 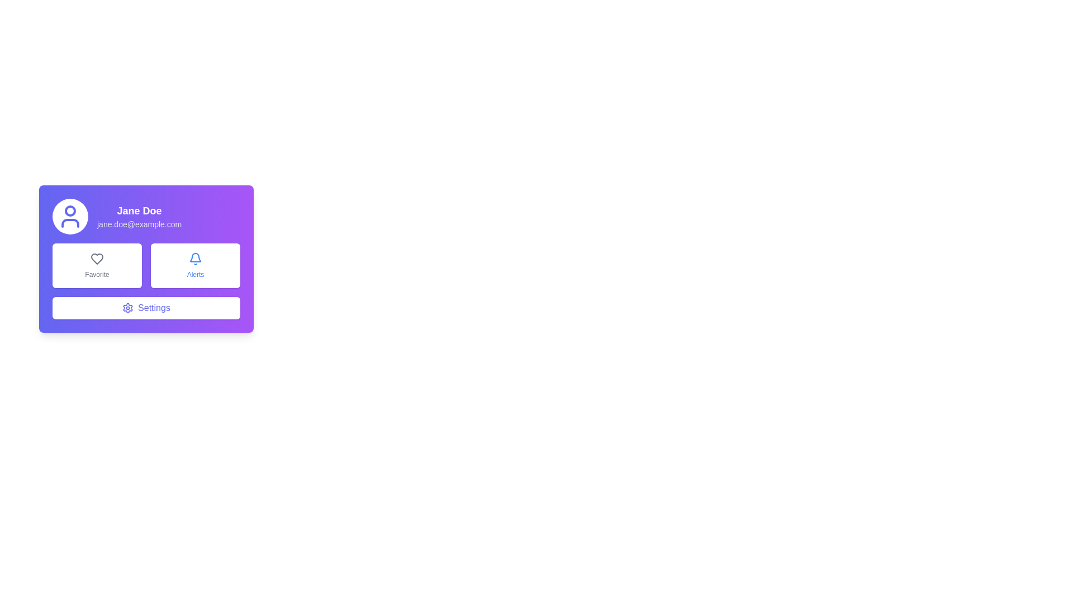 What do you see at coordinates (139, 224) in the screenshot?
I see `the text label displaying the contact email address associated with the user 'Jane Doe', which is positioned below the name 'Jane Doe' in the upper-left card section of the interface` at bounding box center [139, 224].